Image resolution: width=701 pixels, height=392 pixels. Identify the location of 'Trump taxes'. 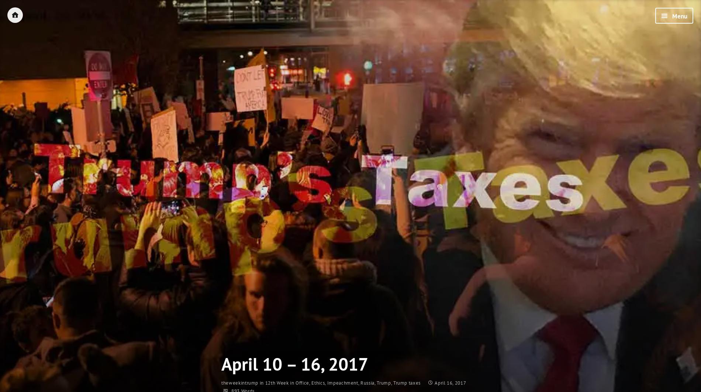
(407, 382).